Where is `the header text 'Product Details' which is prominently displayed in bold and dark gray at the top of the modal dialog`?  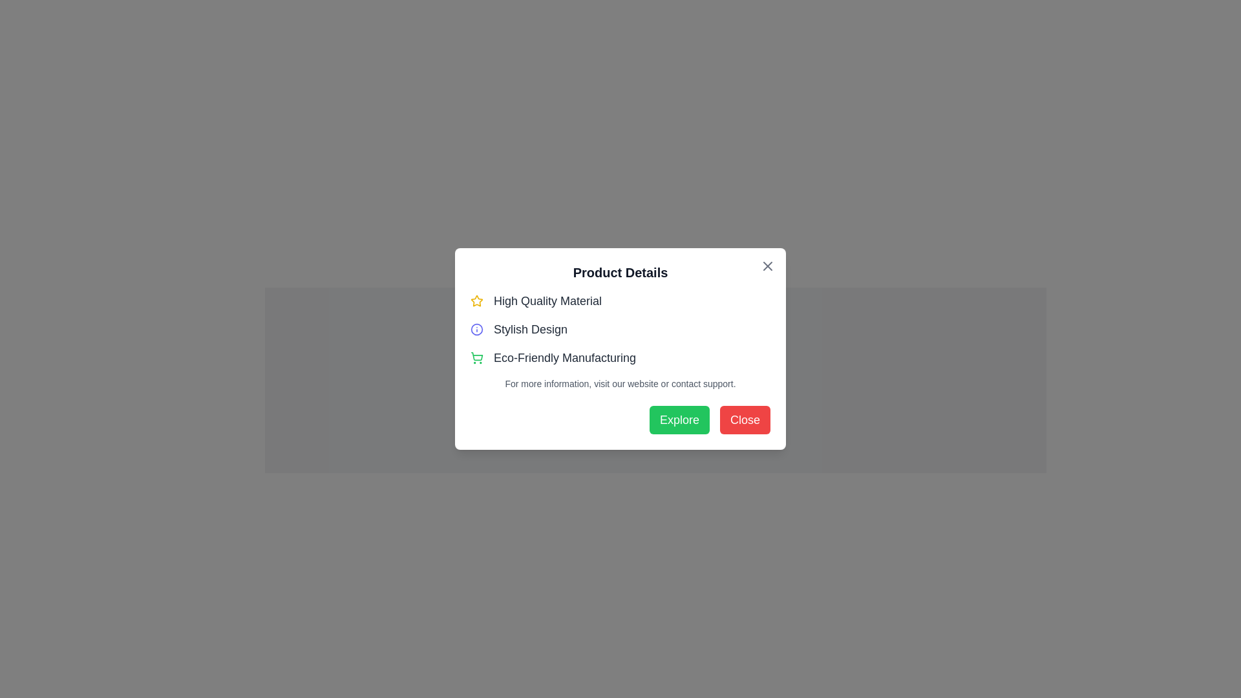
the header text 'Product Details' which is prominently displayed in bold and dark gray at the top of the modal dialog is located at coordinates (620, 271).